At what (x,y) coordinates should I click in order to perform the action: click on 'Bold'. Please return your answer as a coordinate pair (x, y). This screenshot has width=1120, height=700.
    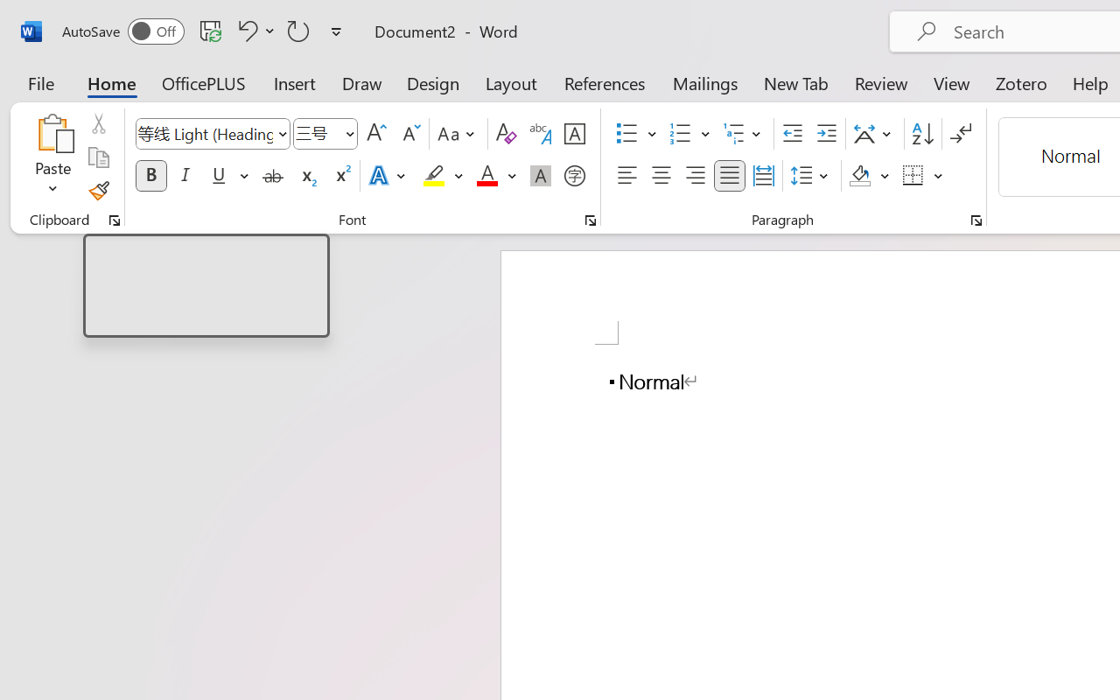
    Looking at the image, I should click on (150, 176).